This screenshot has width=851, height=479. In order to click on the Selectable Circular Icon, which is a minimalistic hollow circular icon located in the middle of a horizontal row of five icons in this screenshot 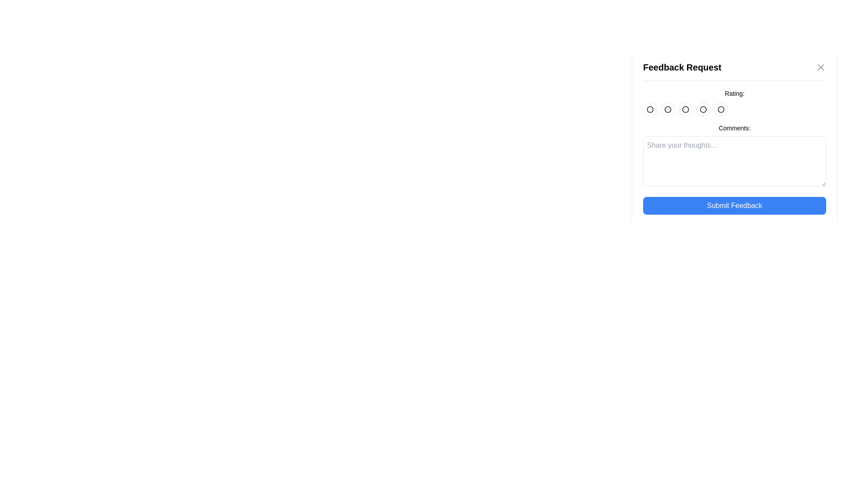, I will do `click(685, 109)`.